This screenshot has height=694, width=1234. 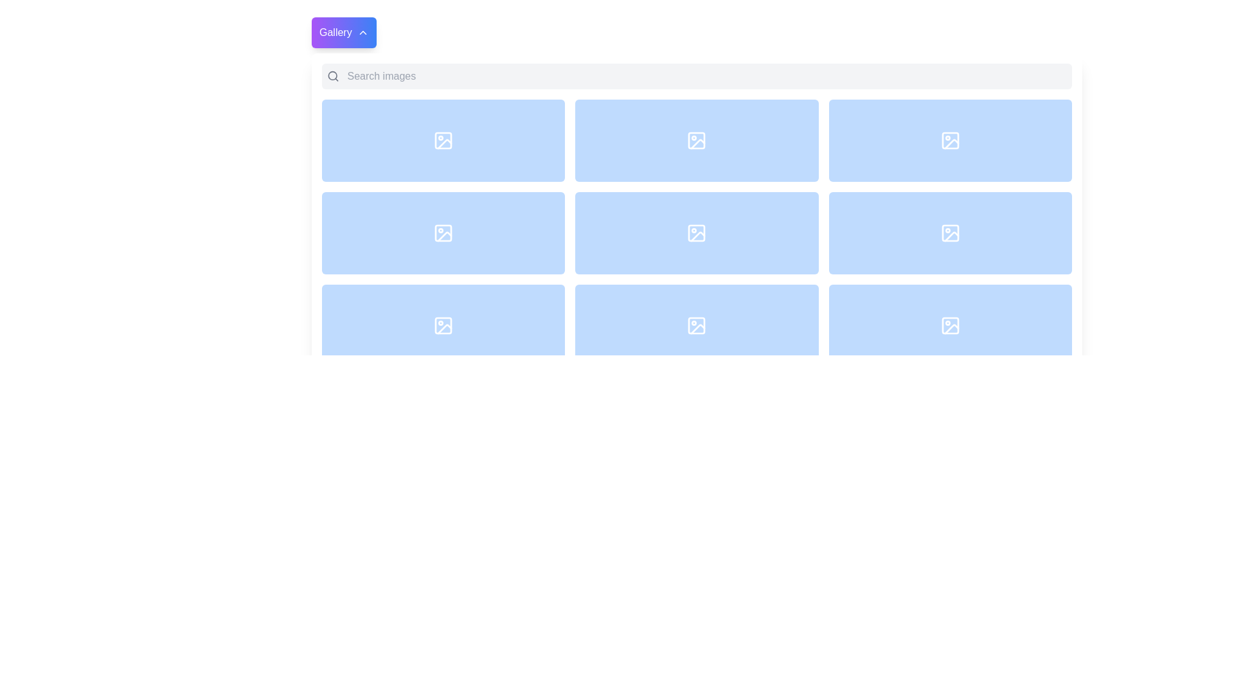 What do you see at coordinates (696, 233) in the screenshot?
I see `the image icon represented by the SVG rectangle located in the center of the second row of a 3x3 grid` at bounding box center [696, 233].